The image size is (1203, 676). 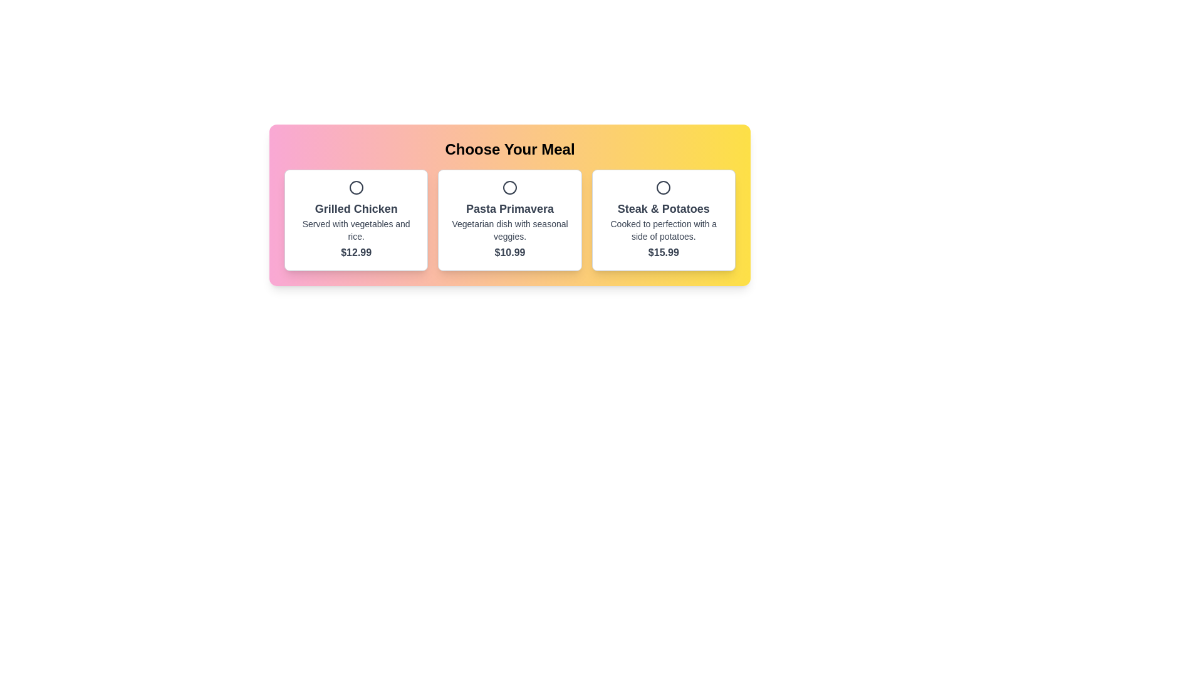 What do you see at coordinates (355, 188) in the screenshot?
I see `the circular icon located at the top-center of the 'Grilled Chicken' card in the meal selection grid, which serves as an interactive selector or decorative element` at bounding box center [355, 188].